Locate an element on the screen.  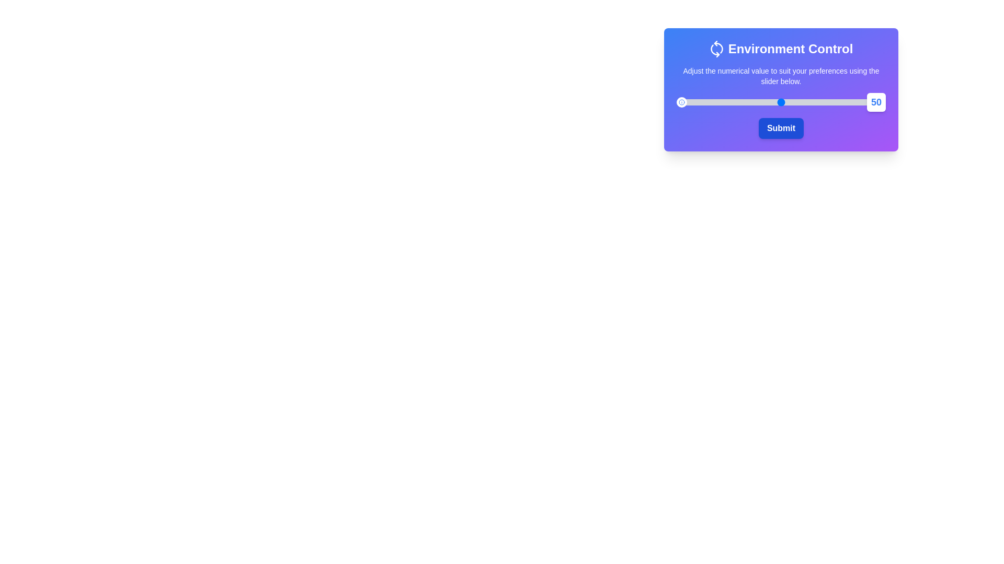
the slider to set the value to 17 is located at coordinates (712, 102).